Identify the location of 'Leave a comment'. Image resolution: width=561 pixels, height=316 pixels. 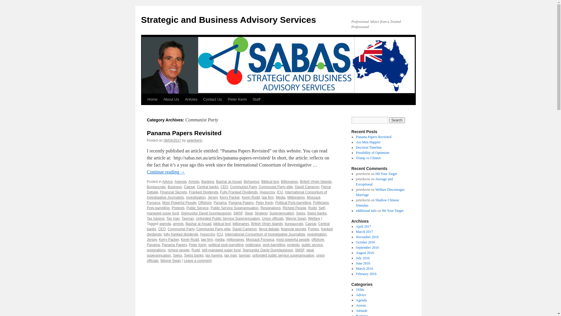
(198, 260).